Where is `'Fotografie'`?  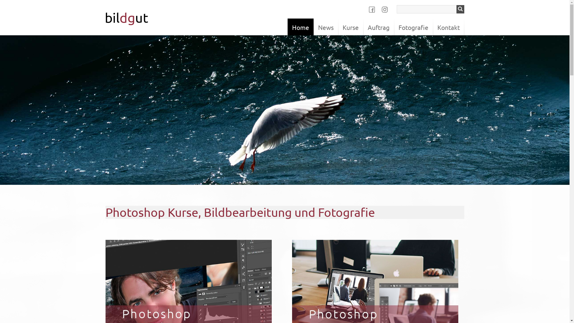 'Fotografie' is located at coordinates (394, 26).